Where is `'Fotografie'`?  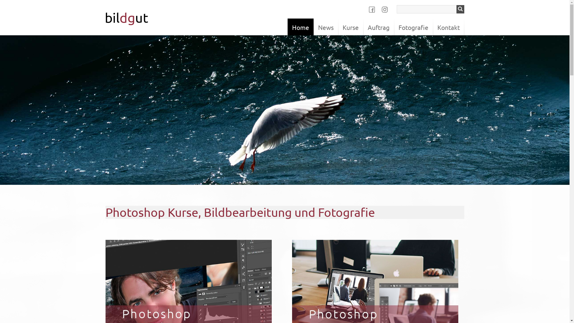 'Fotografie' is located at coordinates (394, 26).